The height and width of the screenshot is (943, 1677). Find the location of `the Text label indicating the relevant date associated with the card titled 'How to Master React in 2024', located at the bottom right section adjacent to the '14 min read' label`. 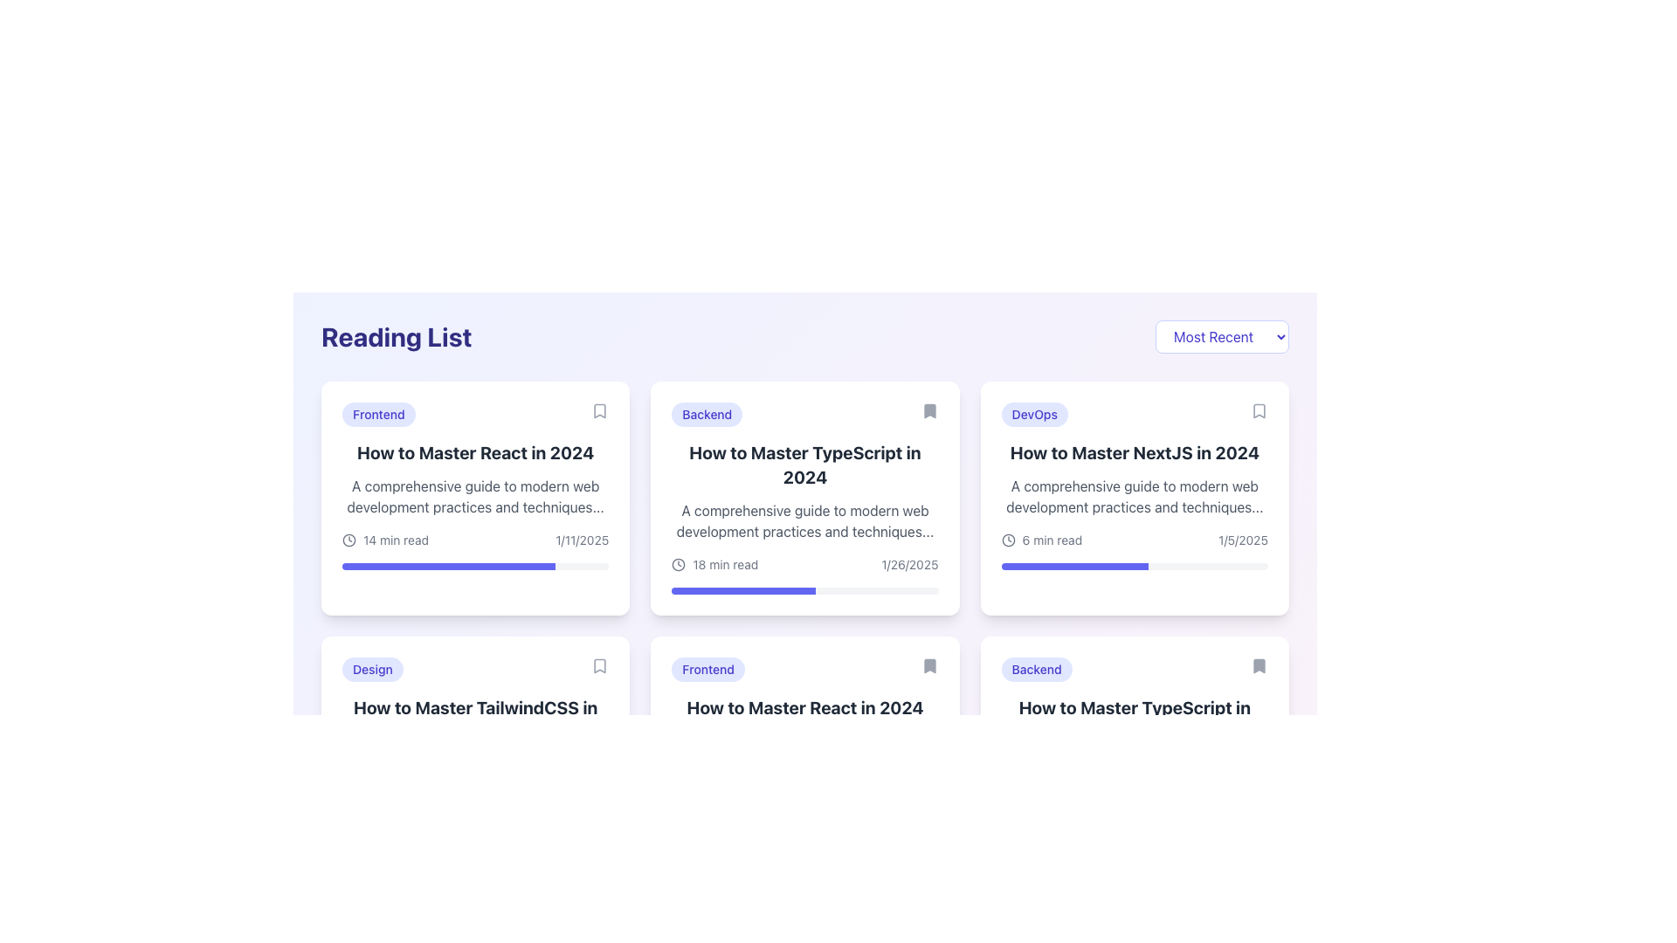

the Text label indicating the relevant date associated with the card titled 'How to Master React in 2024', located at the bottom right section adjacent to the '14 min read' label is located at coordinates (582, 539).